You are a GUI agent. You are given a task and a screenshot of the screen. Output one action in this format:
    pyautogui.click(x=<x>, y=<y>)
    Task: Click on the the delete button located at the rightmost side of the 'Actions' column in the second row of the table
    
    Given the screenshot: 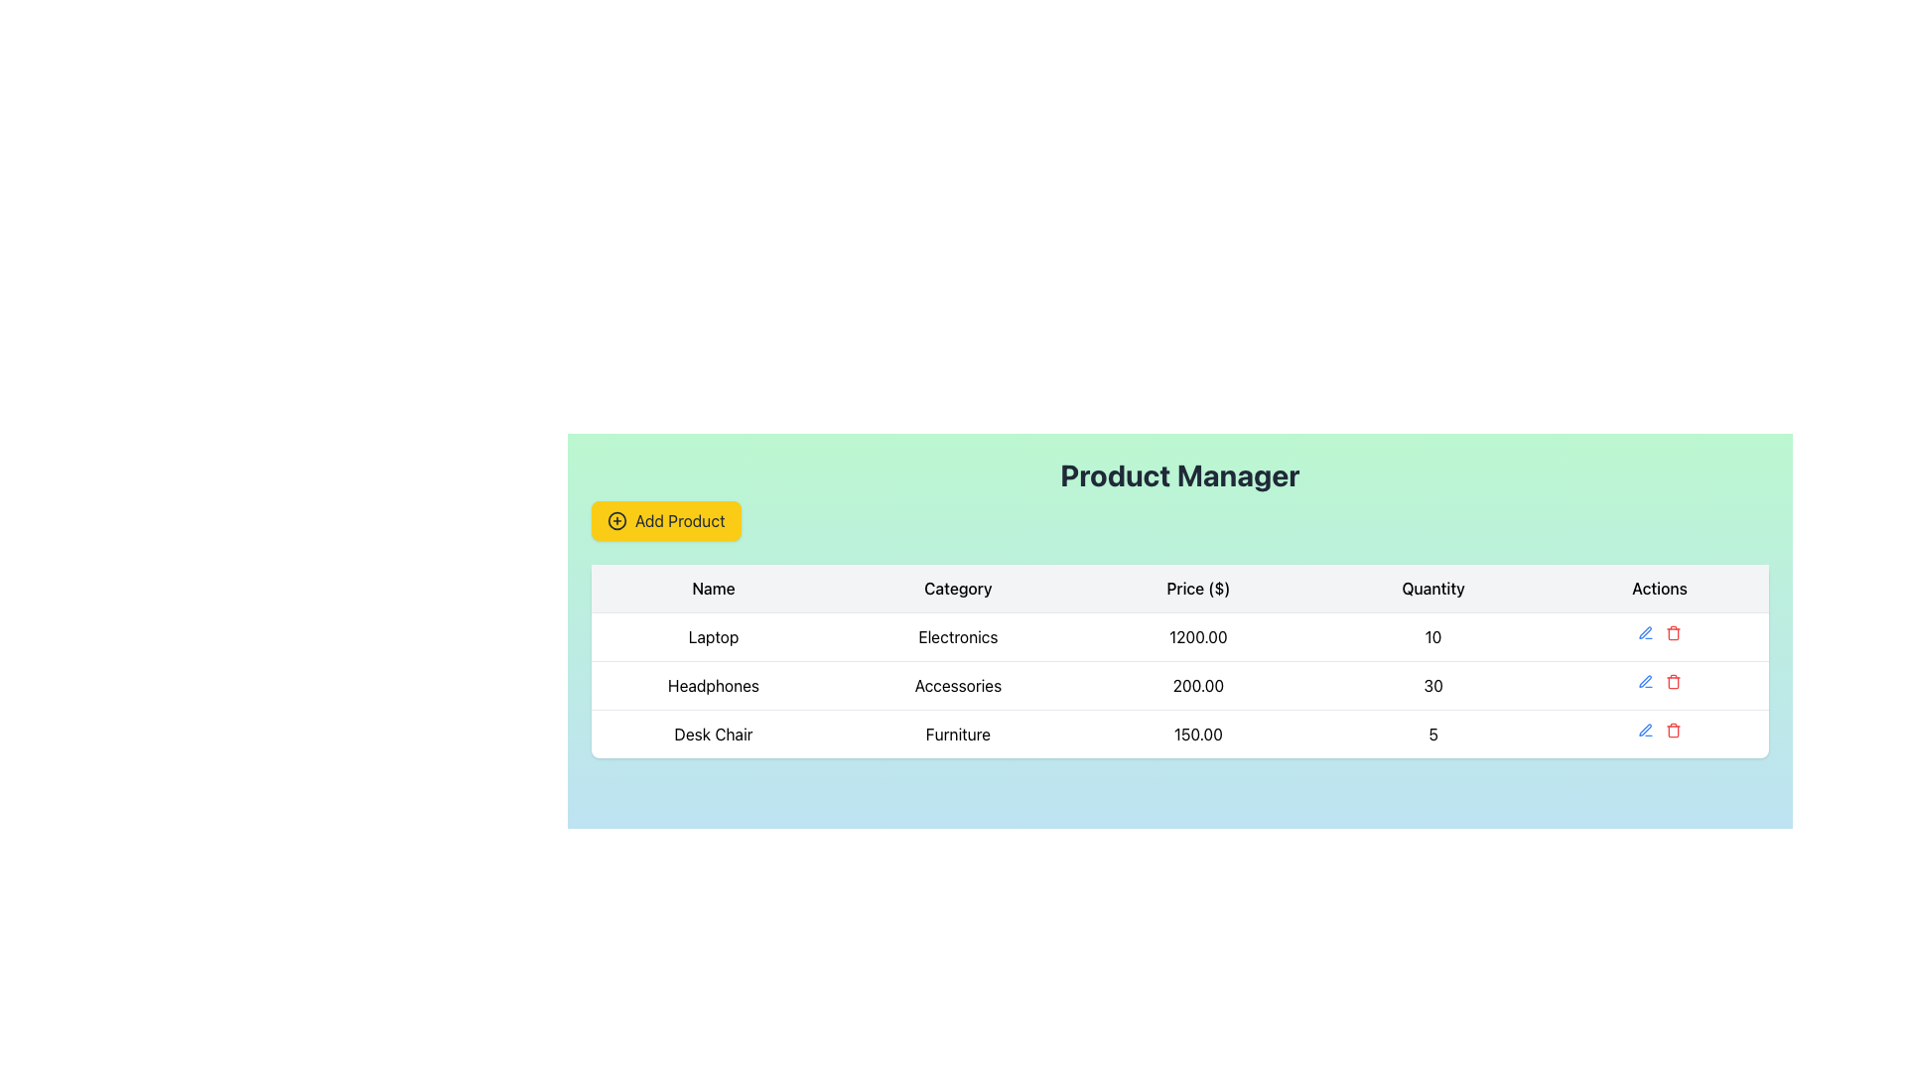 What is the action you would take?
    pyautogui.click(x=1673, y=680)
    